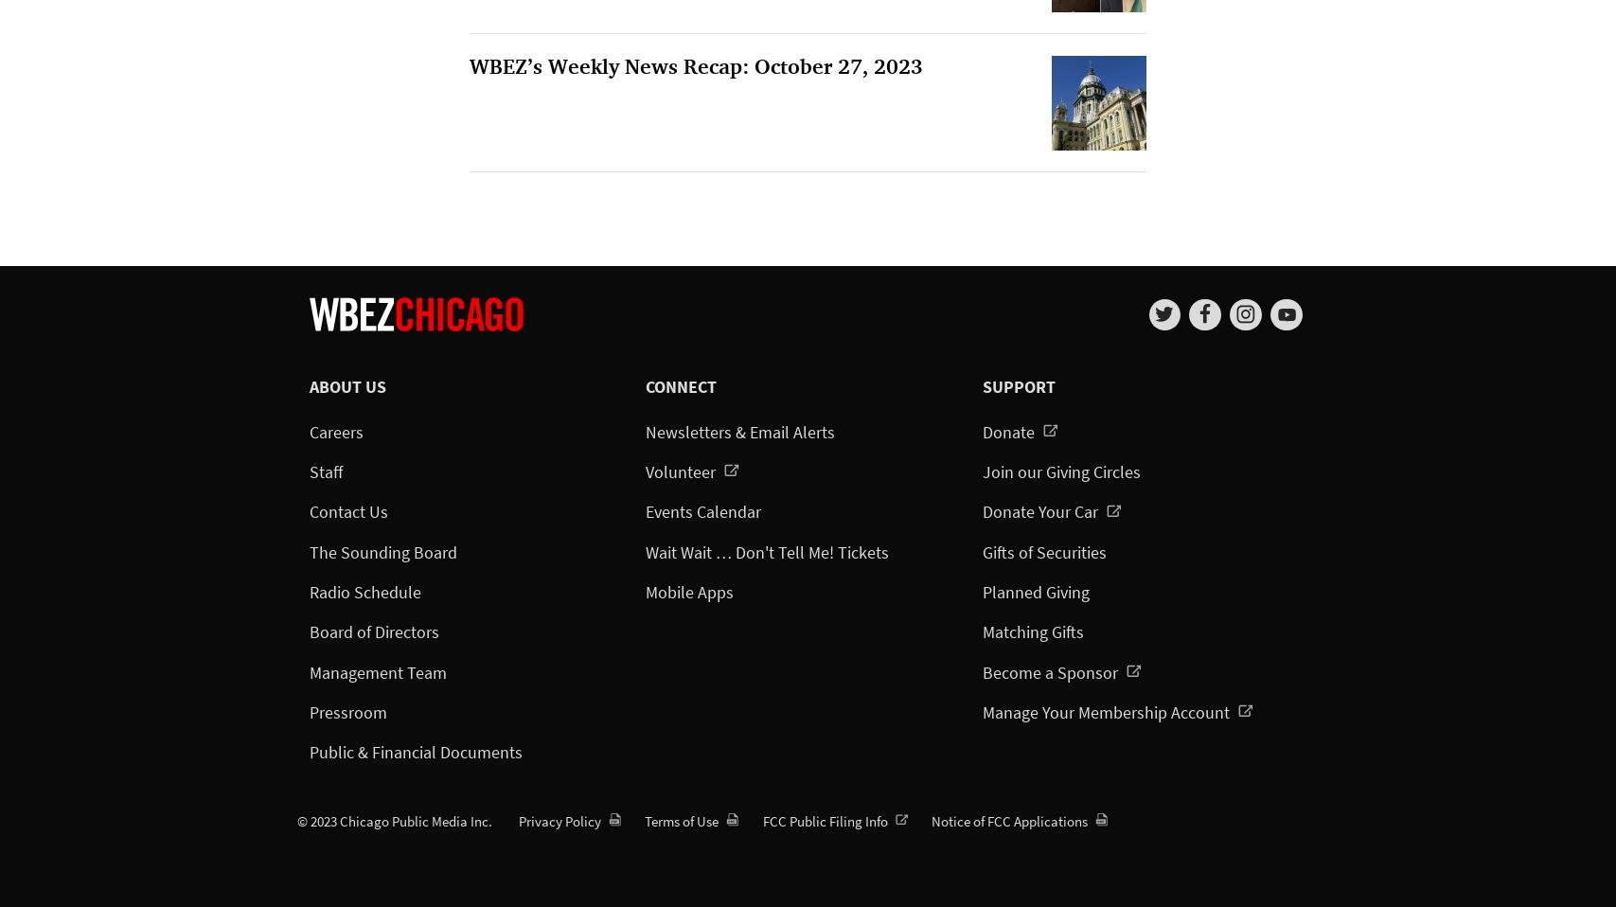 This screenshot has width=1616, height=907. Describe the element at coordinates (825, 819) in the screenshot. I see `'FCC Public Filing Info'` at that location.